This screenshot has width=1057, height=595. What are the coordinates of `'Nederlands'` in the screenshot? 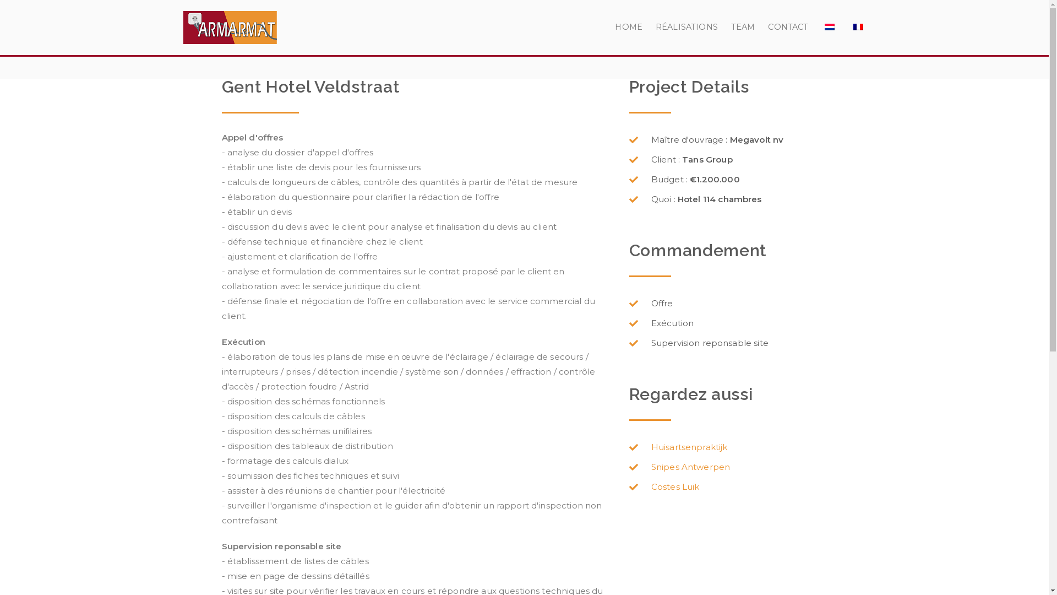 It's located at (830, 26).